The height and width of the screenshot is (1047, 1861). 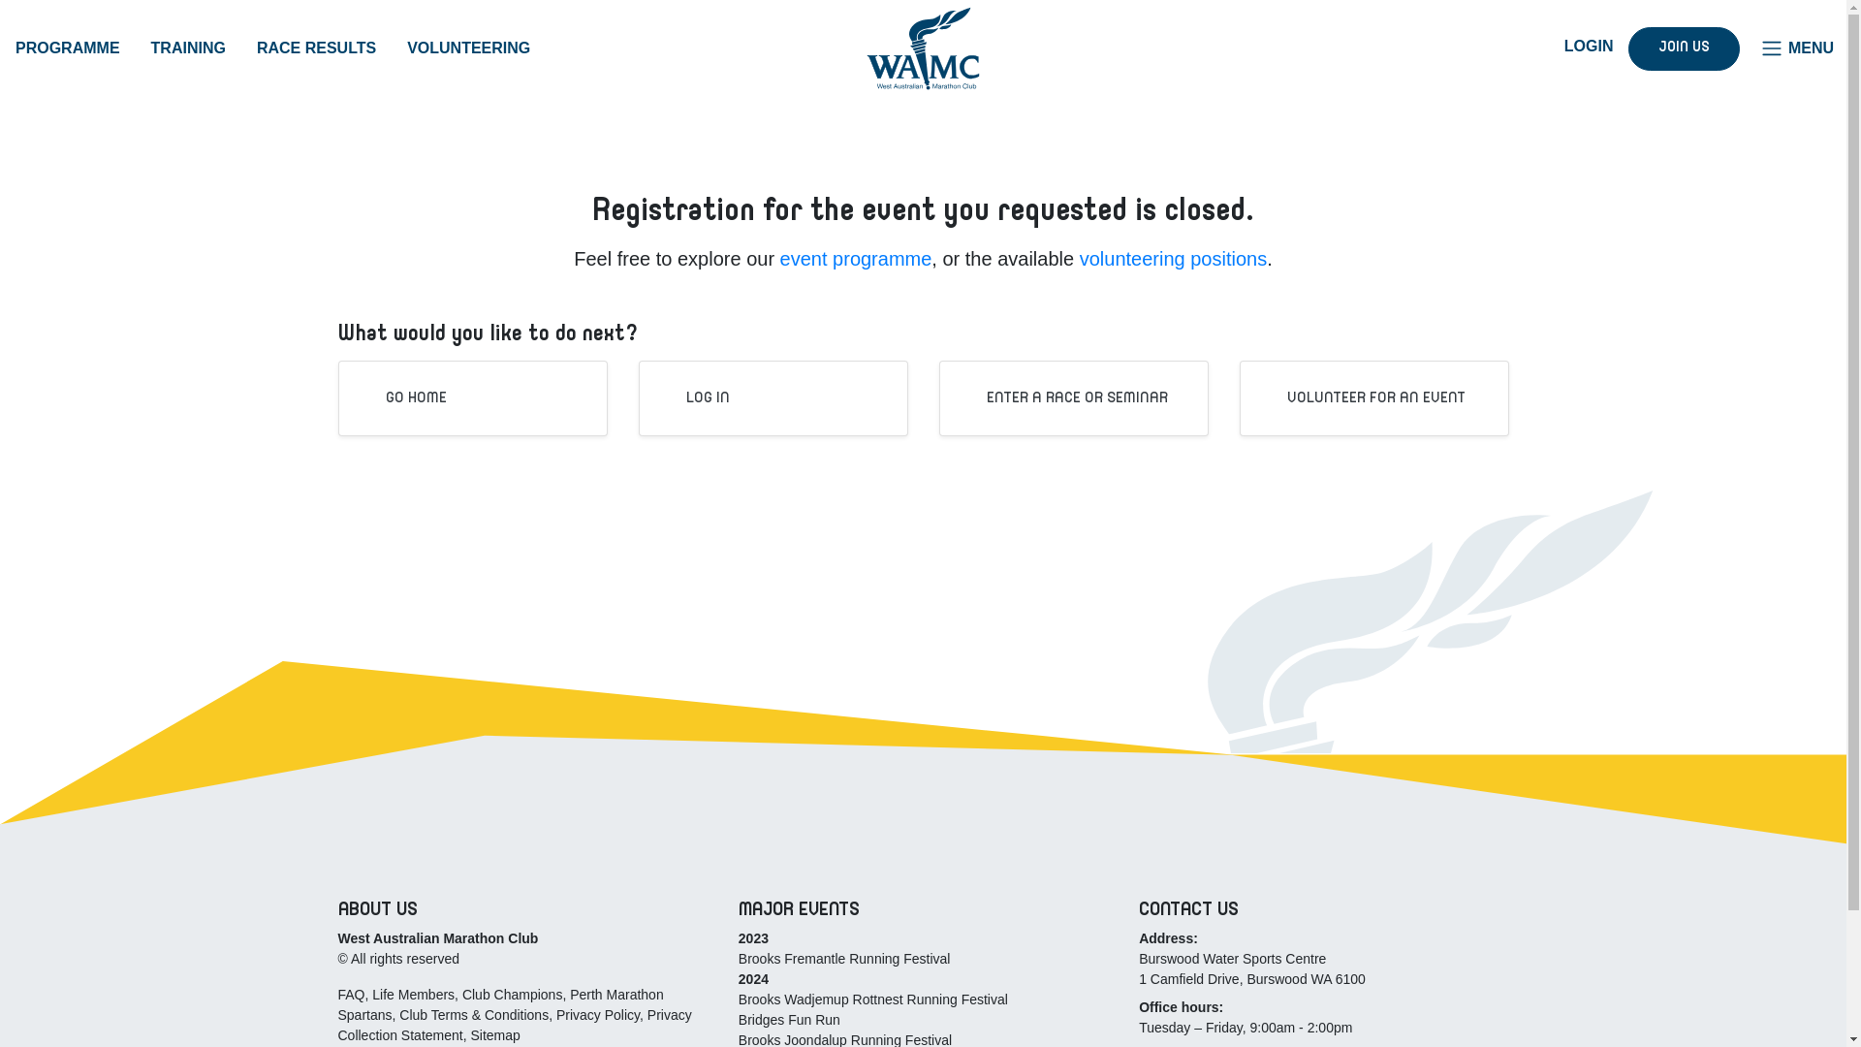 I want to click on 'Perth Marathon Spartans', so click(x=499, y=1003).